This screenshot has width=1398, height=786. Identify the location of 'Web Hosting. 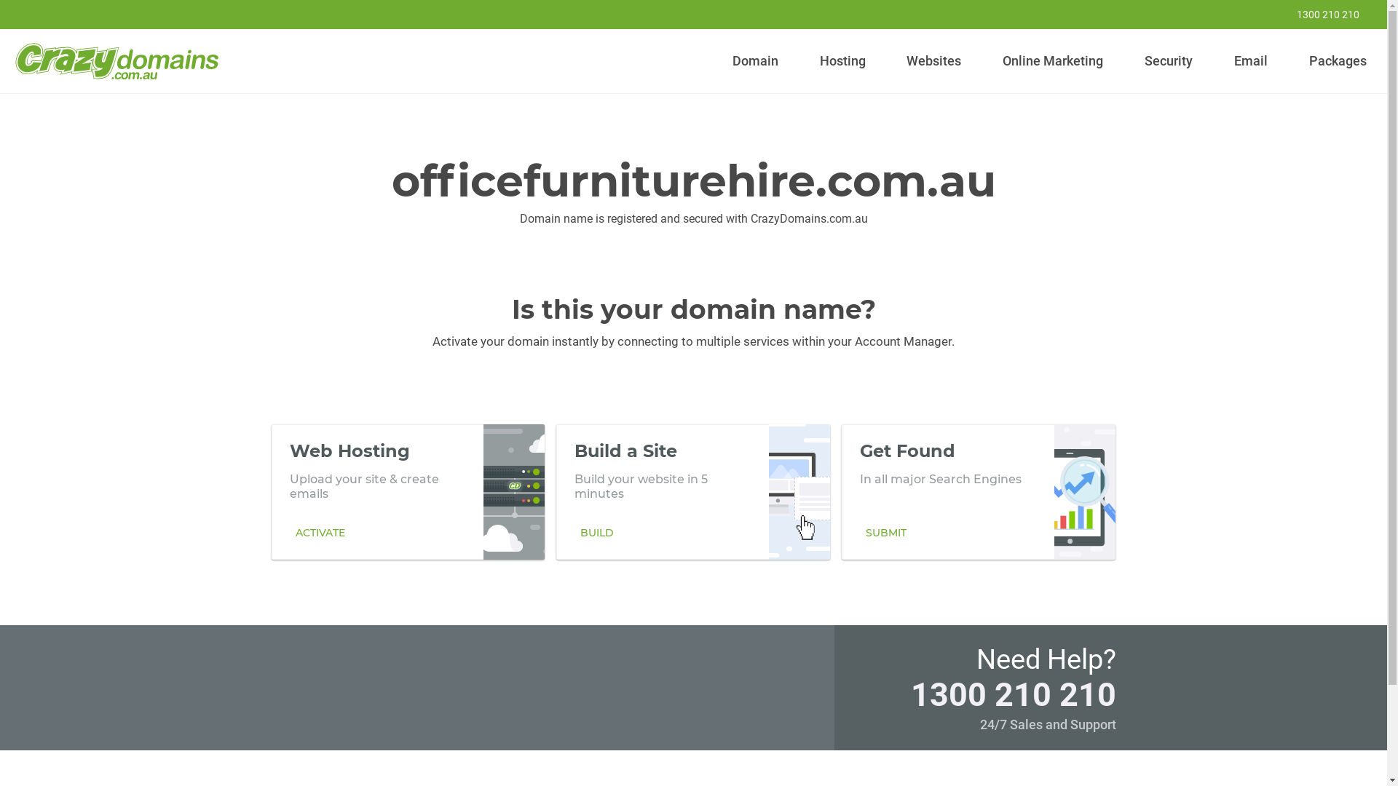
(408, 491).